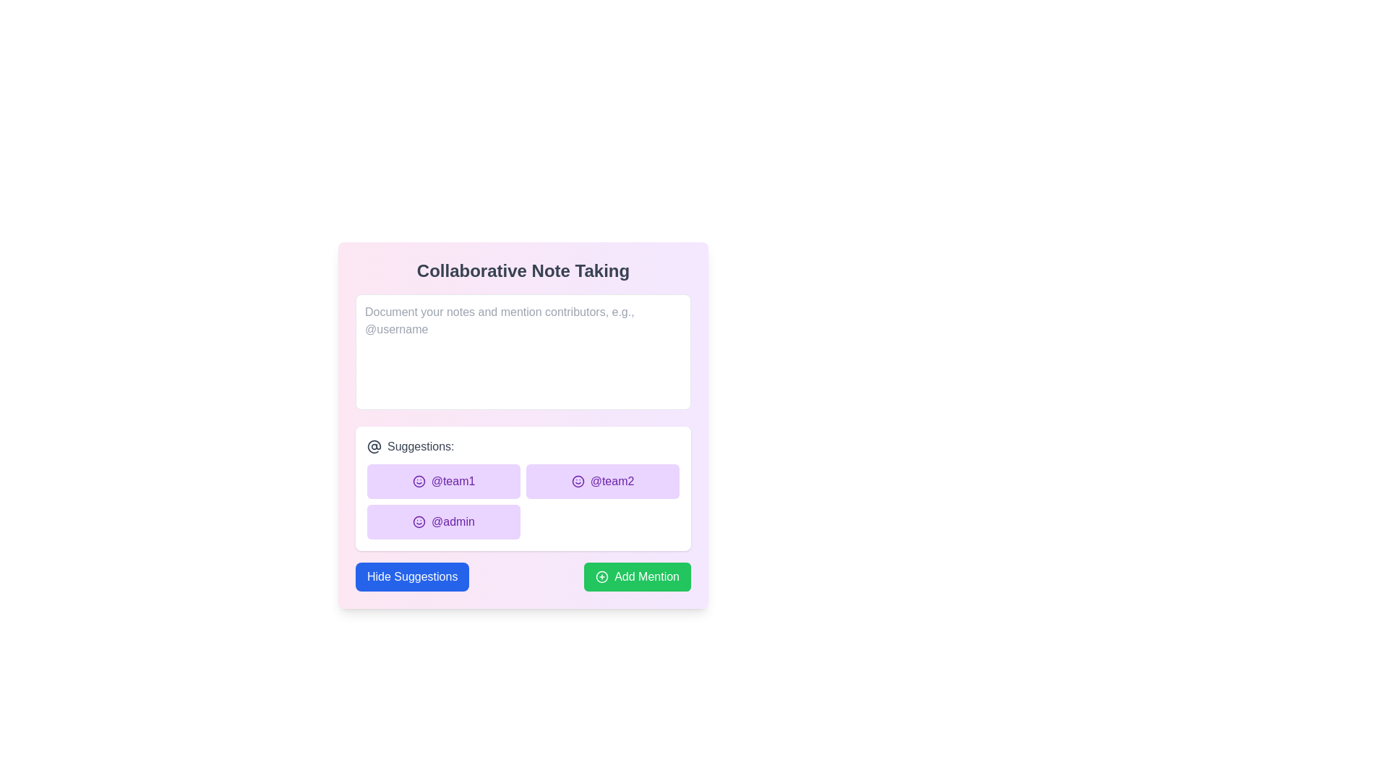 Image resolution: width=1388 pixels, height=781 pixels. I want to click on the smiling emoticon icon associated with the '@team2' button located in the right column of the suggestions box, so click(577, 482).